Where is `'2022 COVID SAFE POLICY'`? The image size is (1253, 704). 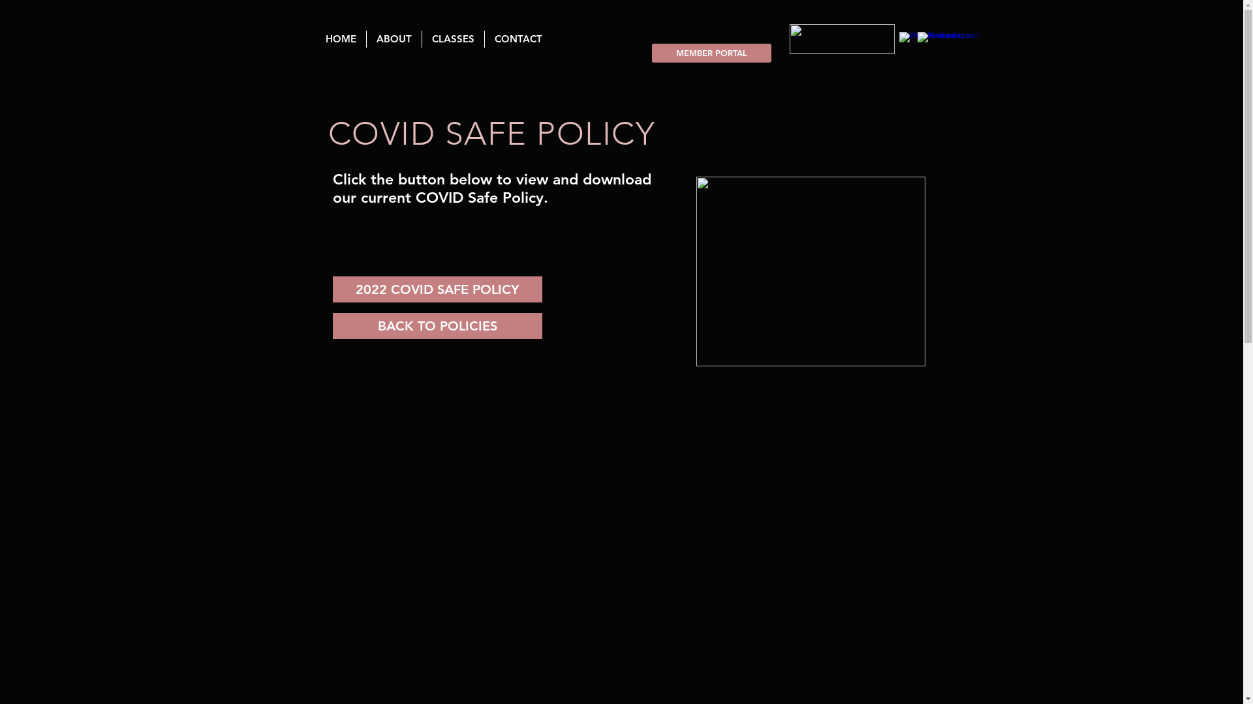
'2022 COVID SAFE POLICY' is located at coordinates (437, 288).